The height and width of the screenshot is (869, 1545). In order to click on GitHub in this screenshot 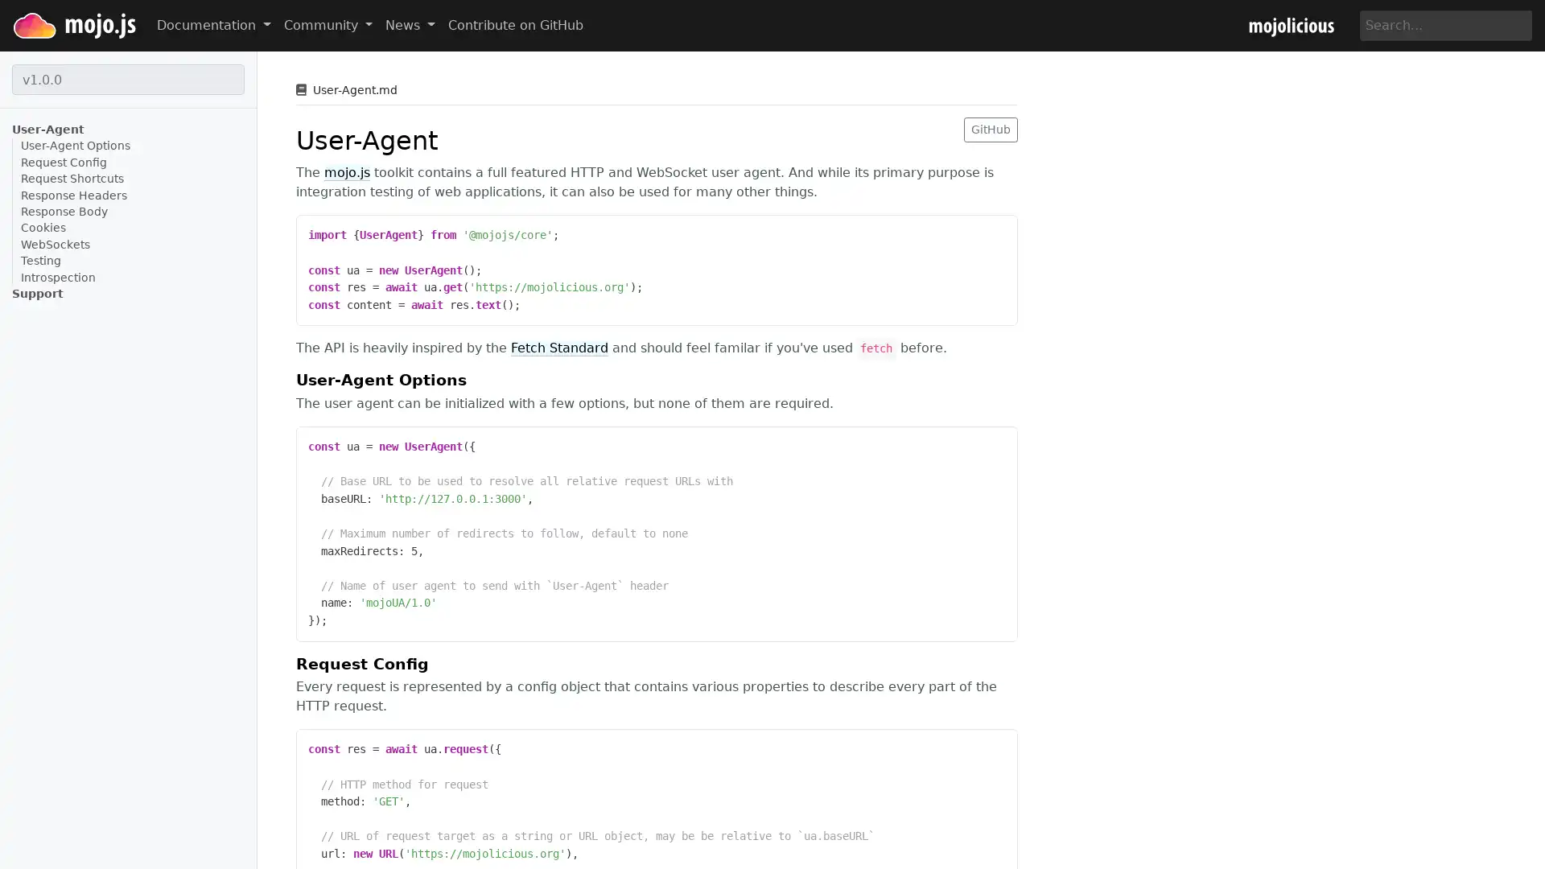, I will do `click(990, 128)`.